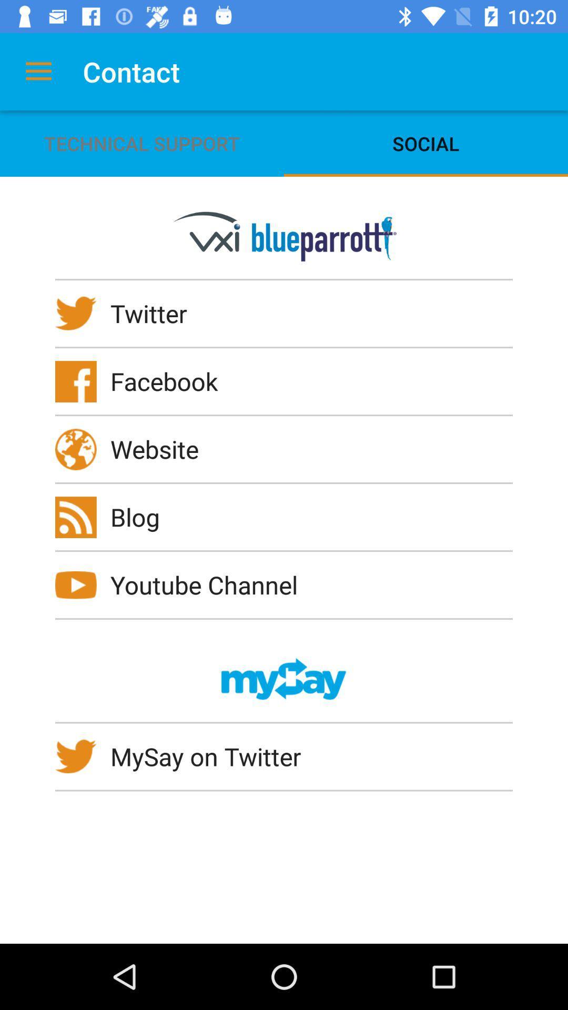 The image size is (568, 1010). I want to click on website item, so click(161, 449).